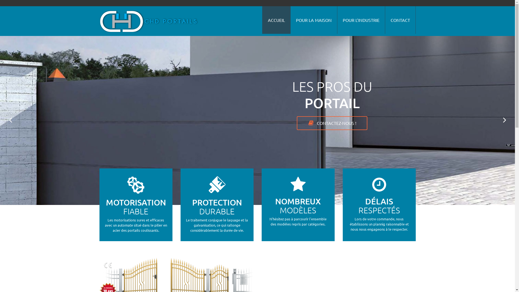 The width and height of the screenshot is (519, 292). What do you see at coordinates (332, 123) in the screenshot?
I see `'CONTACTEZ-NOUS !'` at bounding box center [332, 123].